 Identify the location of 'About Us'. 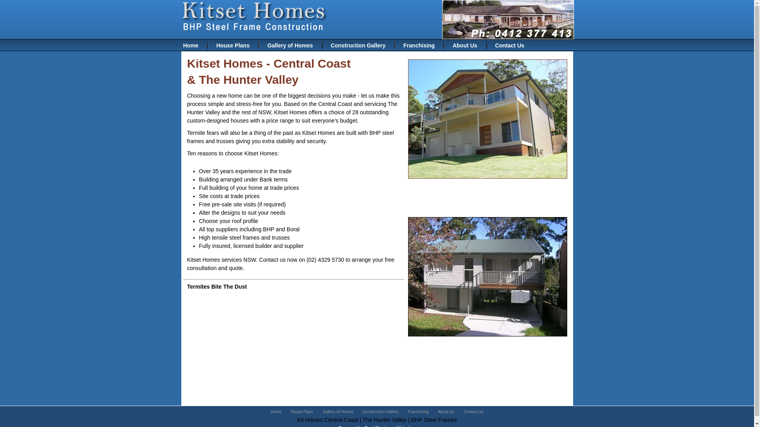
(446, 411).